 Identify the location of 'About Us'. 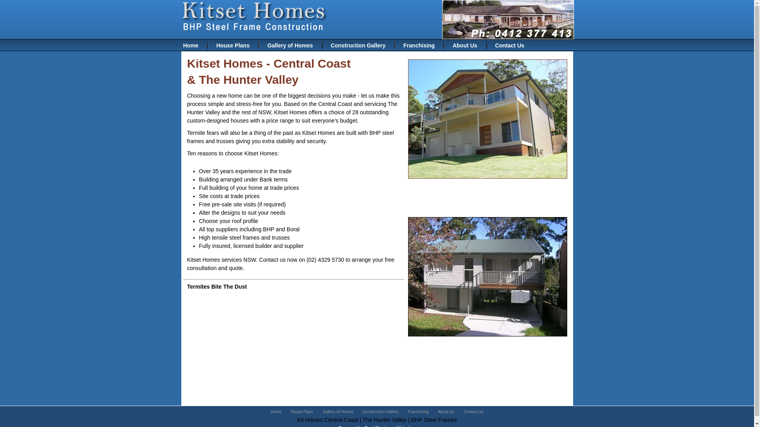
(446, 411).